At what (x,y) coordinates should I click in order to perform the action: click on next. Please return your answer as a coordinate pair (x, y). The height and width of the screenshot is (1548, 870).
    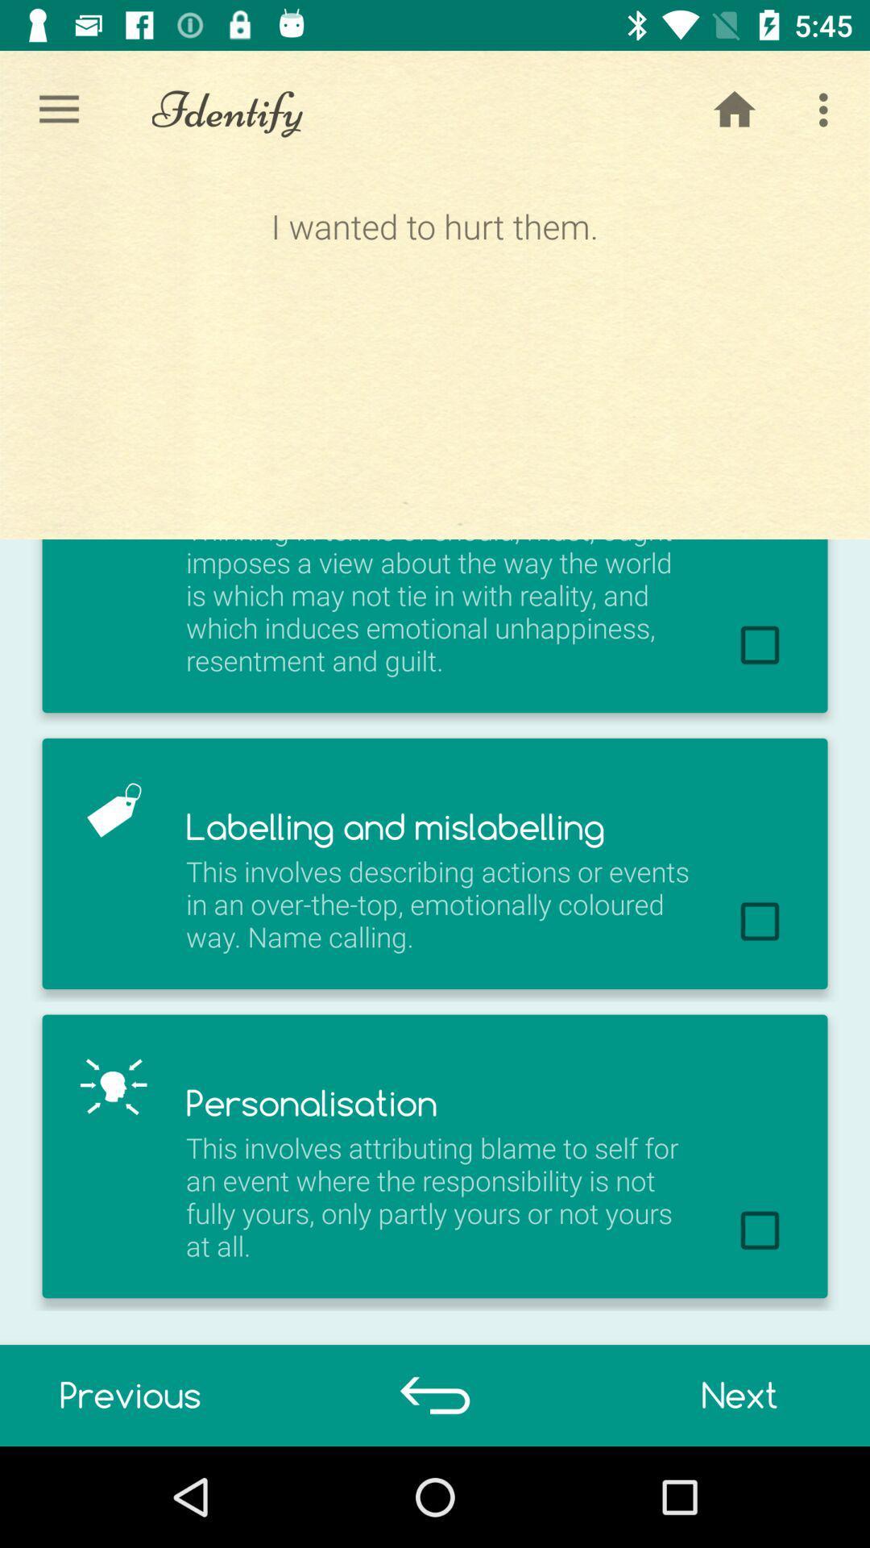
    Looking at the image, I should click on (739, 1395).